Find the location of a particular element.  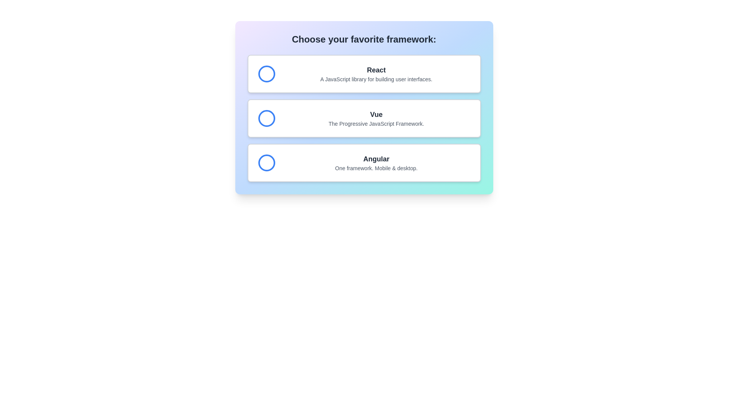

the radio button for the 'Angular' framework option, which is located at the leftmost side of the third row in a vertically stacked list of options is located at coordinates (266, 162).